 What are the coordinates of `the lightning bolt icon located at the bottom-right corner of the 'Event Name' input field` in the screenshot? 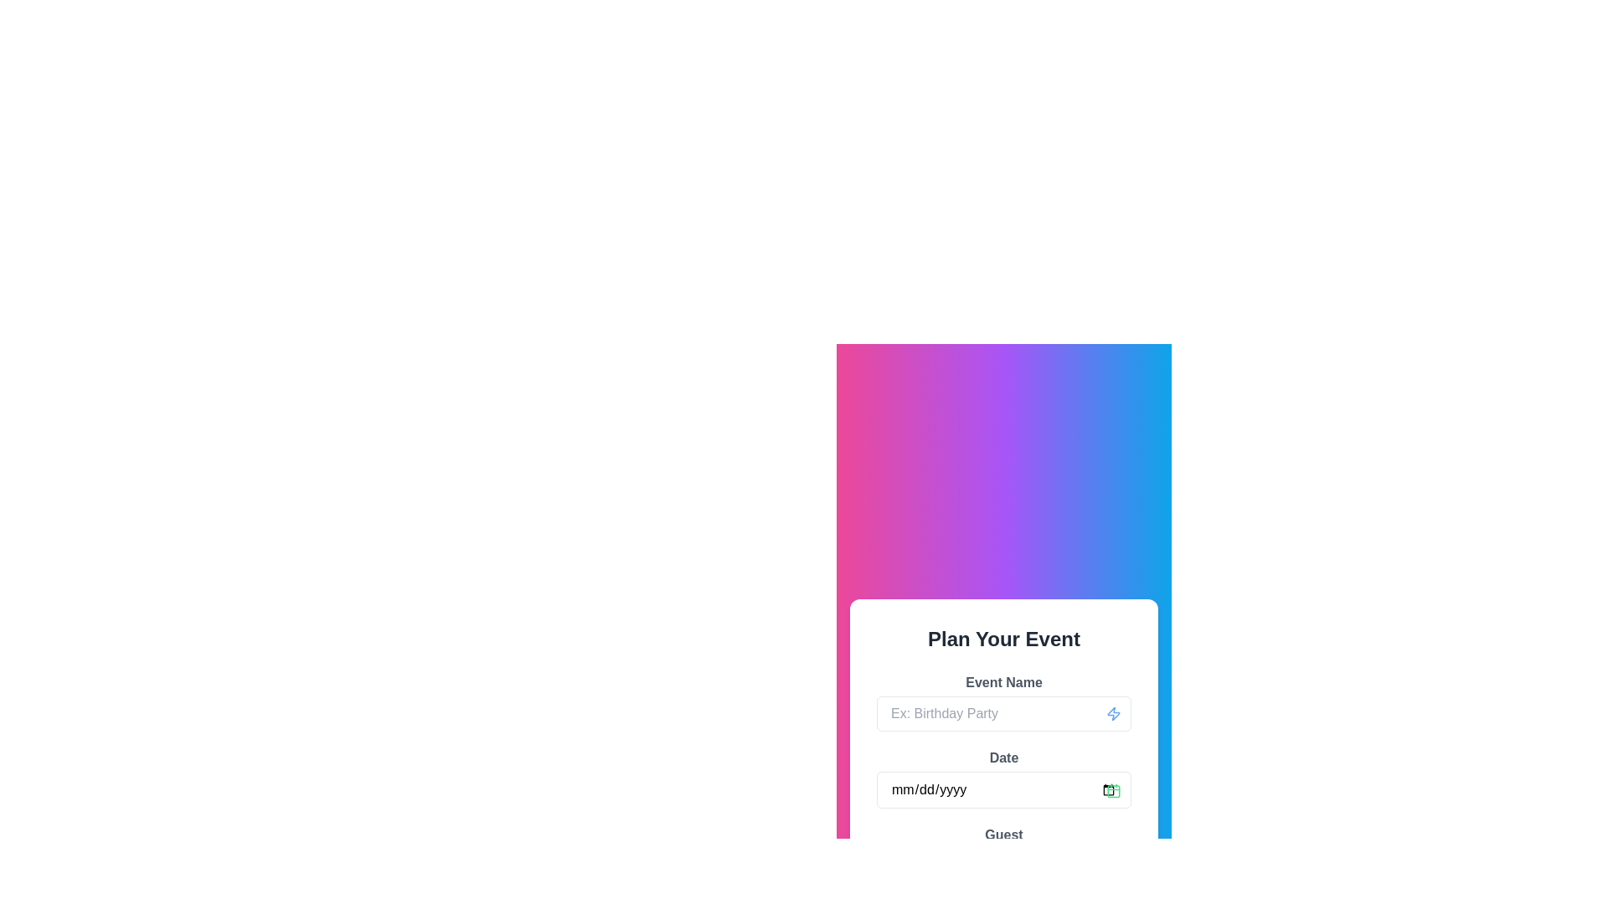 It's located at (1113, 713).